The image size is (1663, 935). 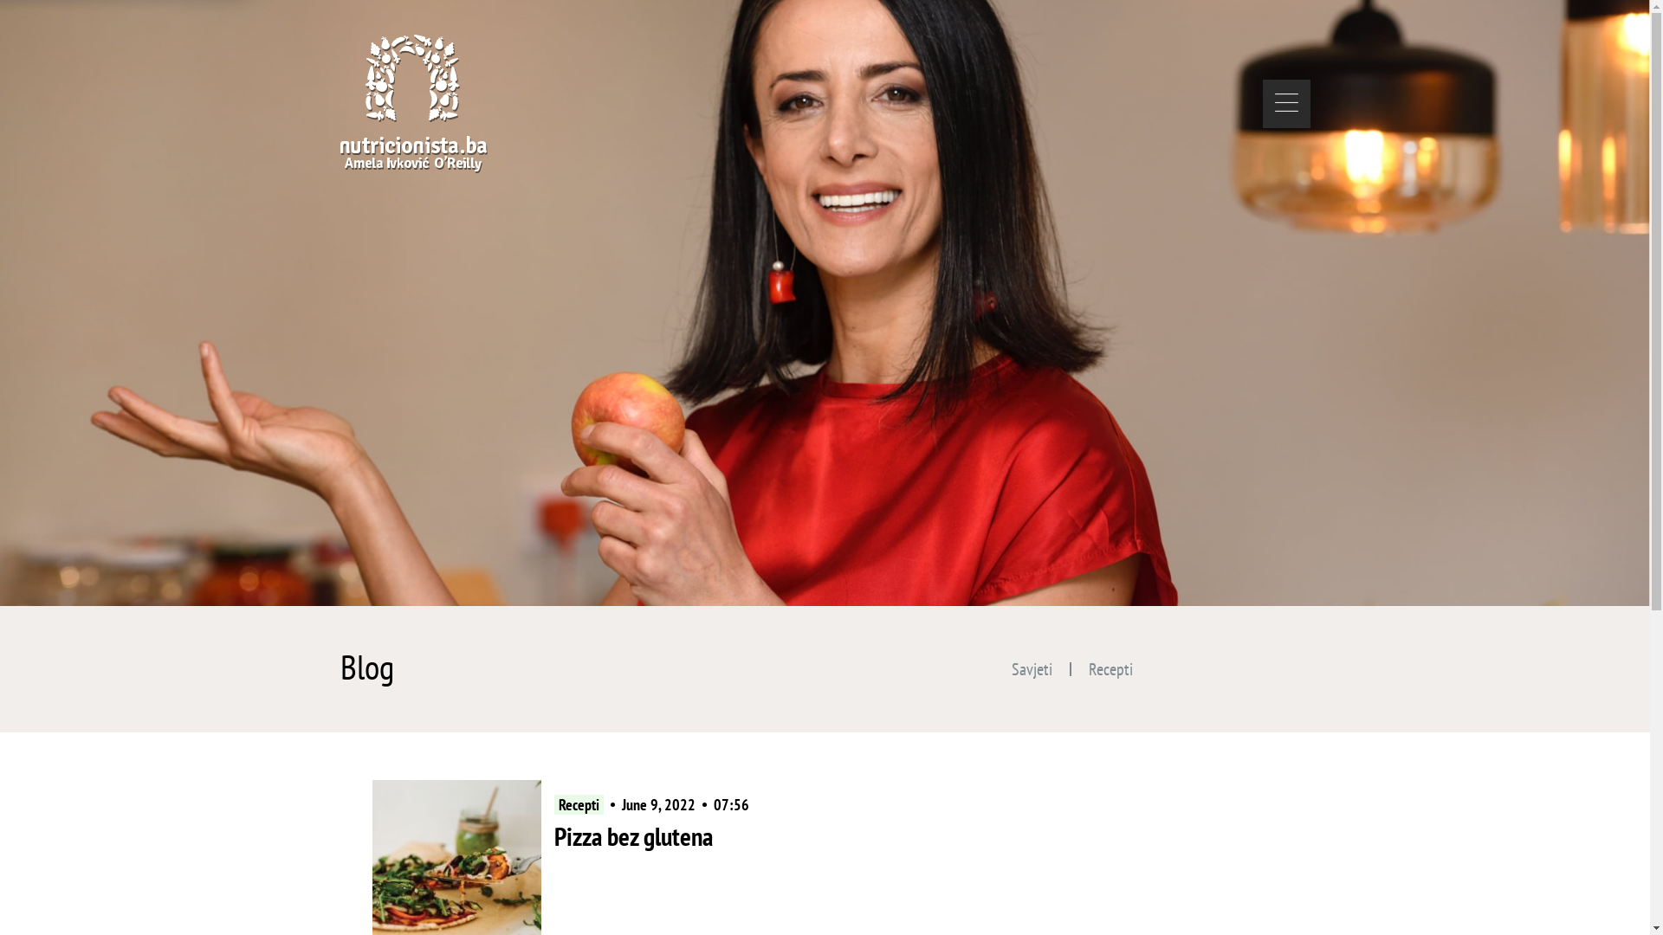 What do you see at coordinates (553, 835) in the screenshot?
I see `'Pizza bez glutena'` at bounding box center [553, 835].